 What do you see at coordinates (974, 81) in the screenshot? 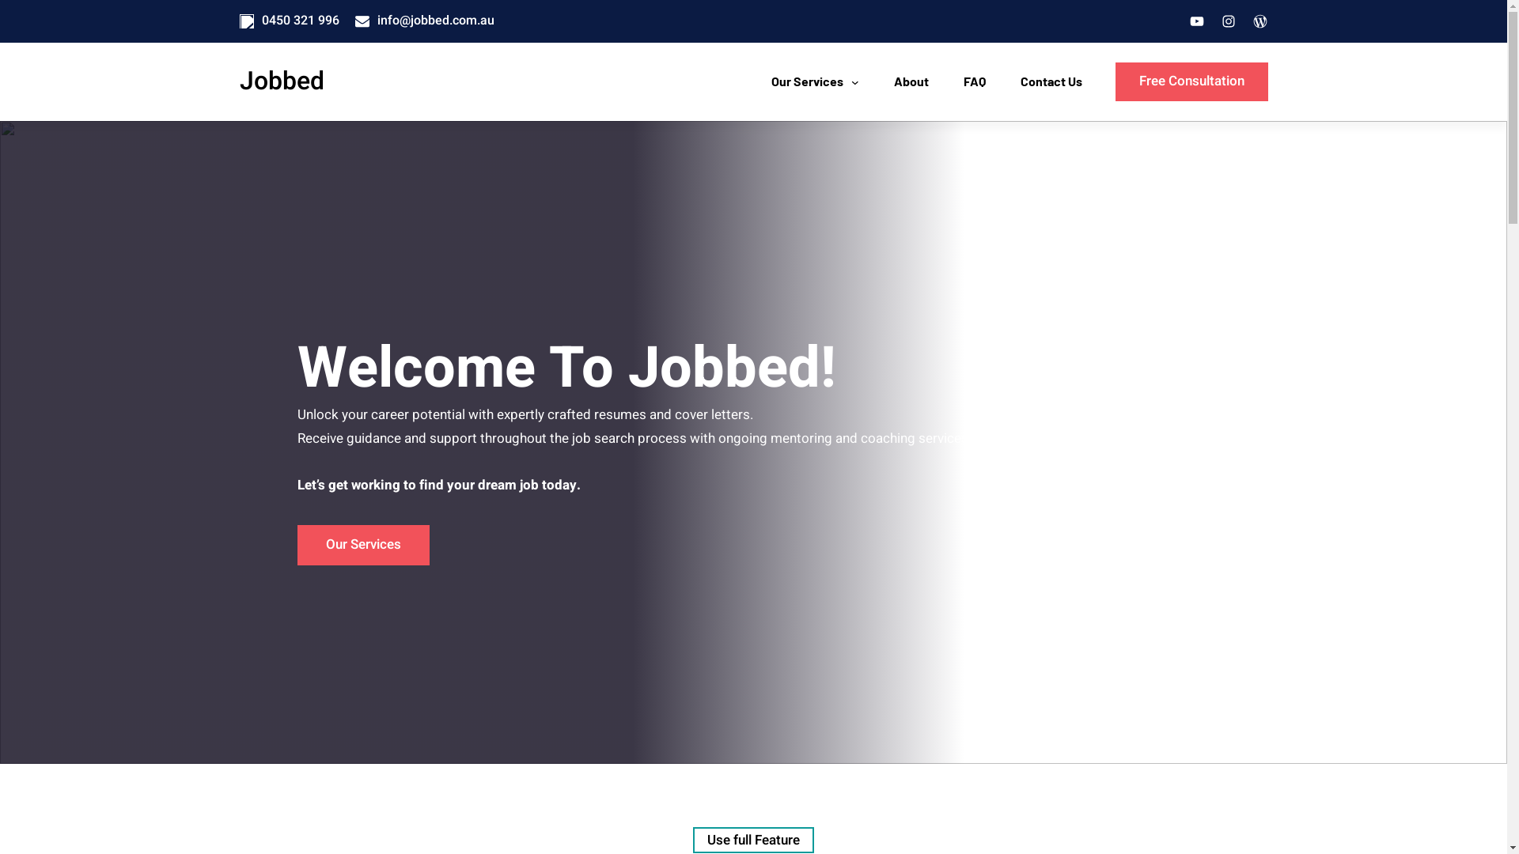
I see `'FAQ'` at bounding box center [974, 81].